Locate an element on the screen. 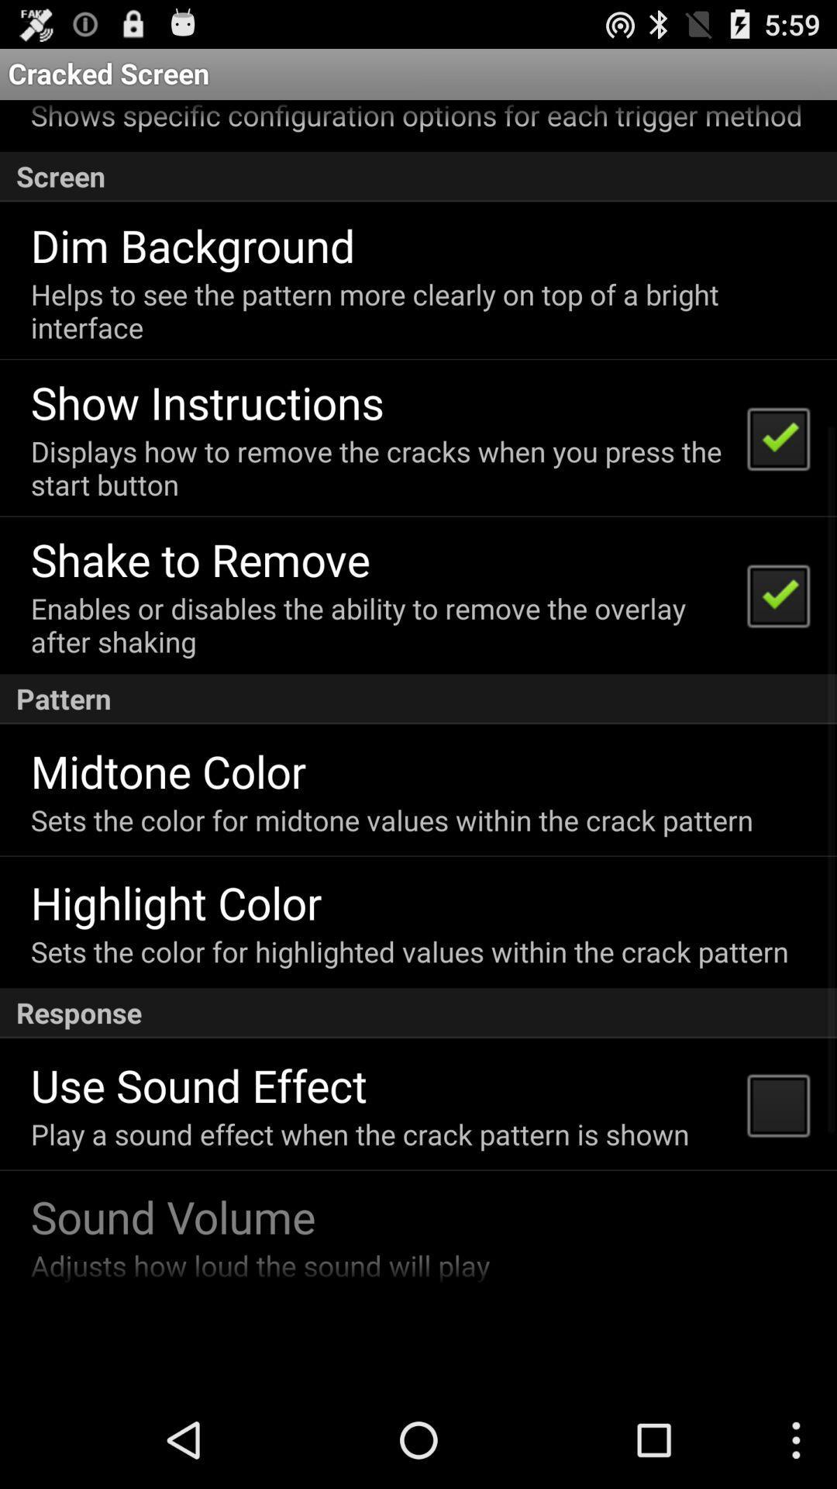  app above the shake to remove is located at coordinates (379, 467).